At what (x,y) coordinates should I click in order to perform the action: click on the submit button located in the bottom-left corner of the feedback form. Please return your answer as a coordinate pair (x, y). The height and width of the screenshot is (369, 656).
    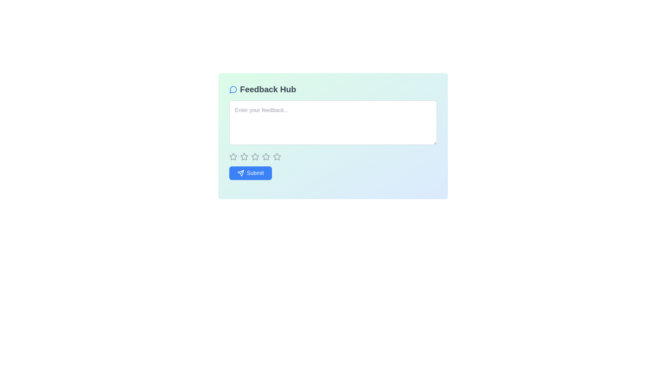
    Looking at the image, I should click on (250, 173).